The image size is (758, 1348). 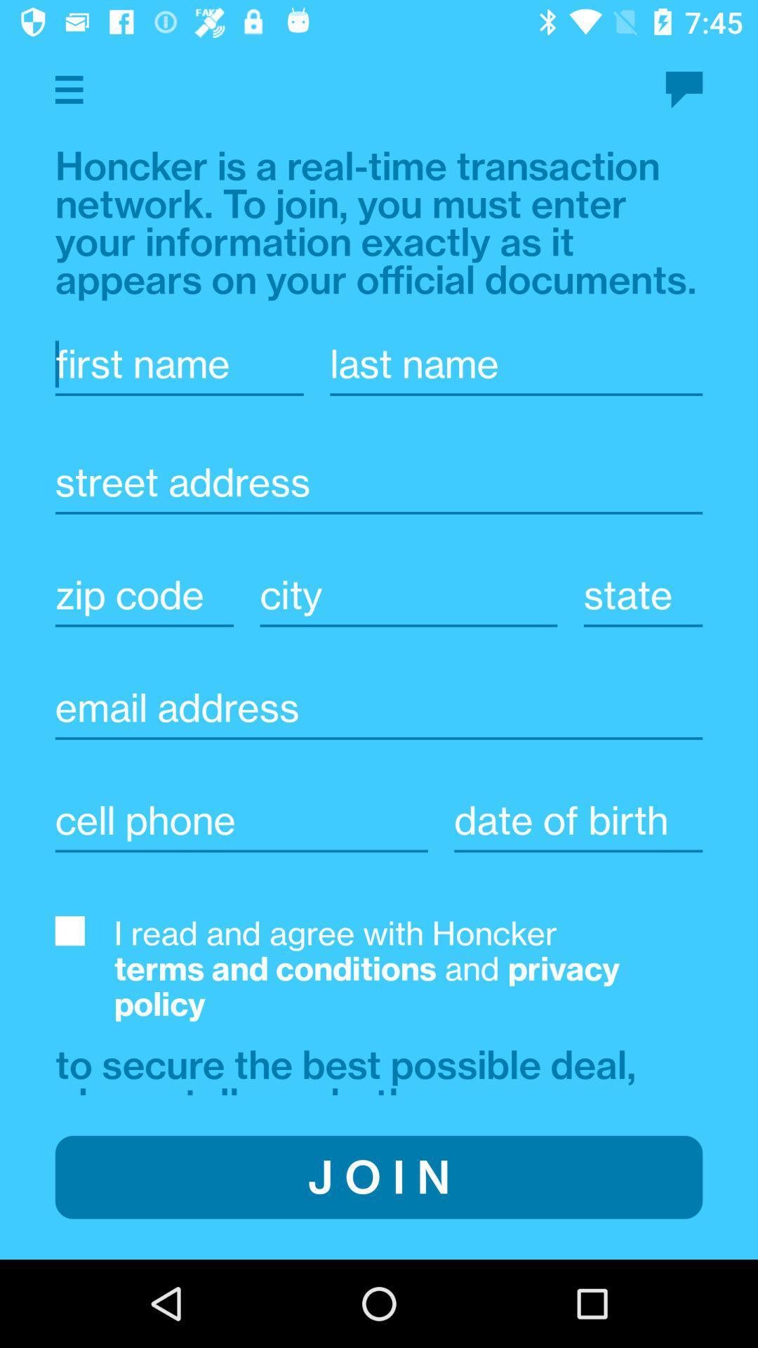 I want to click on city name field, so click(x=408, y=595).